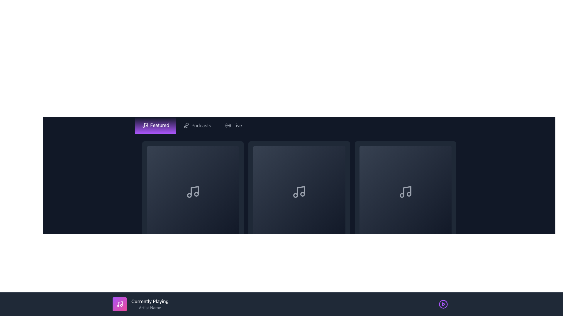 The height and width of the screenshot is (316, 563). What do you see at coordinates (197, 125) in the screenshot?
I see `the 'Podcasts' navigation tab, which is the second tab in the horizontal navigation bar` at bounding box center [197, 125].